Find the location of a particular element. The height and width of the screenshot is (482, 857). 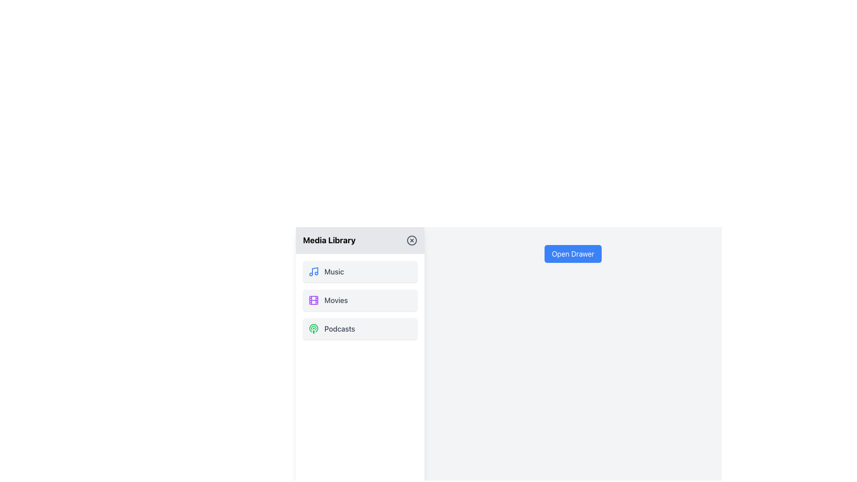

the 'Music' icon located in the left-side panel under the 'Media Library' heading is located at coordinates (313, 271).